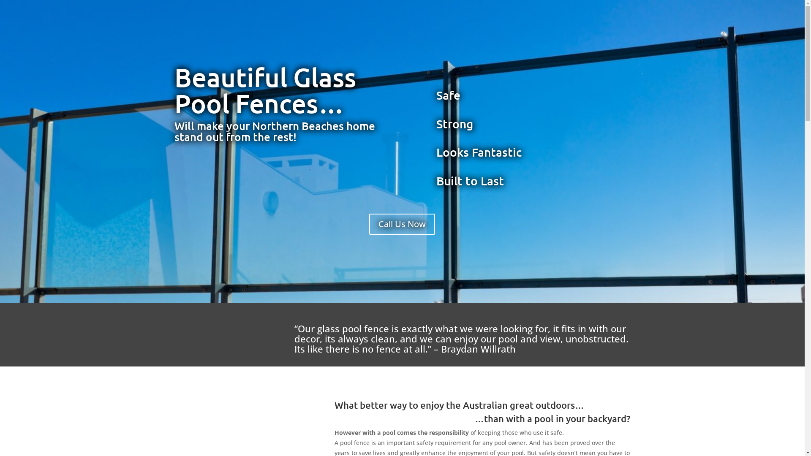 The height and width of the screenshot is (456, 811). What do you see at coordinates (401, 224) in the screenshot?
I see `'Call Us Now'` at bounding box center [401, 224].